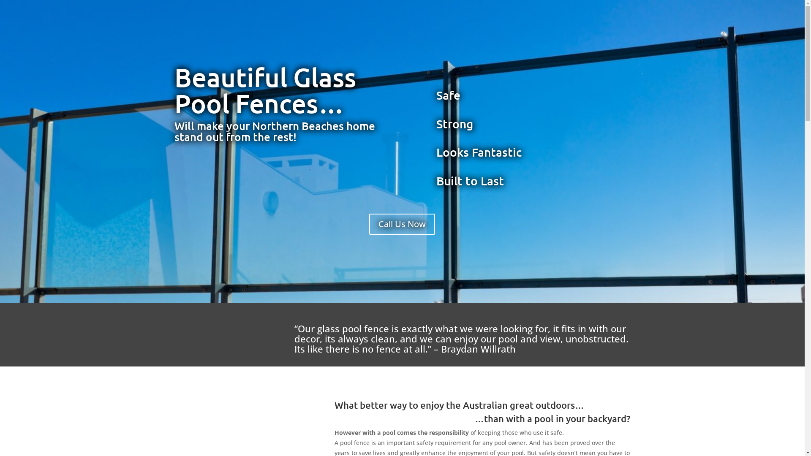 The height and width of the screenshot is (456, 811). What do you see at coordinates (401, 224) in the screenshot?
I see `'Call Us Now'` at bounding box center [401, 224].